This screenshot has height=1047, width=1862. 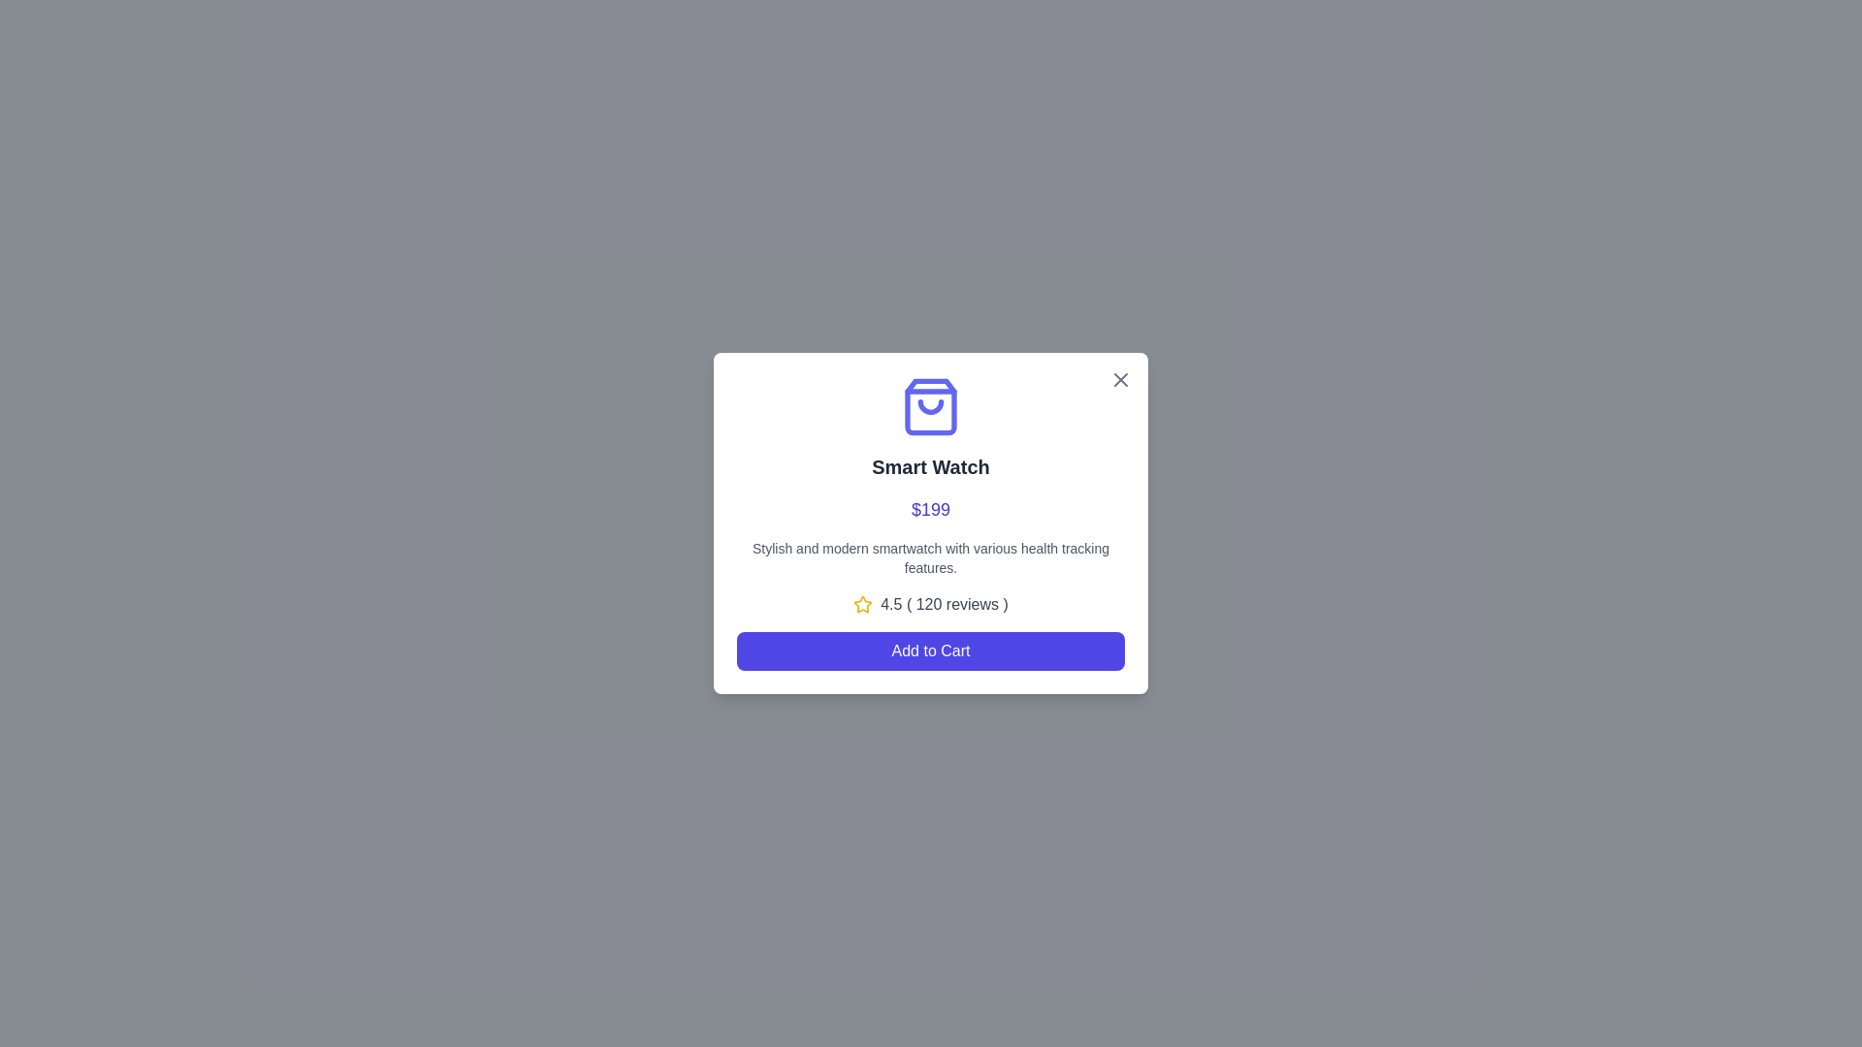 What do you see at coordinates (931, 557) in the screenshot?
I see `text content located in the center of the pop-up interface, directly below the price '$199' and above the rating section '4.5 ( 120 reviews )'` at bounding box center [931, 557].